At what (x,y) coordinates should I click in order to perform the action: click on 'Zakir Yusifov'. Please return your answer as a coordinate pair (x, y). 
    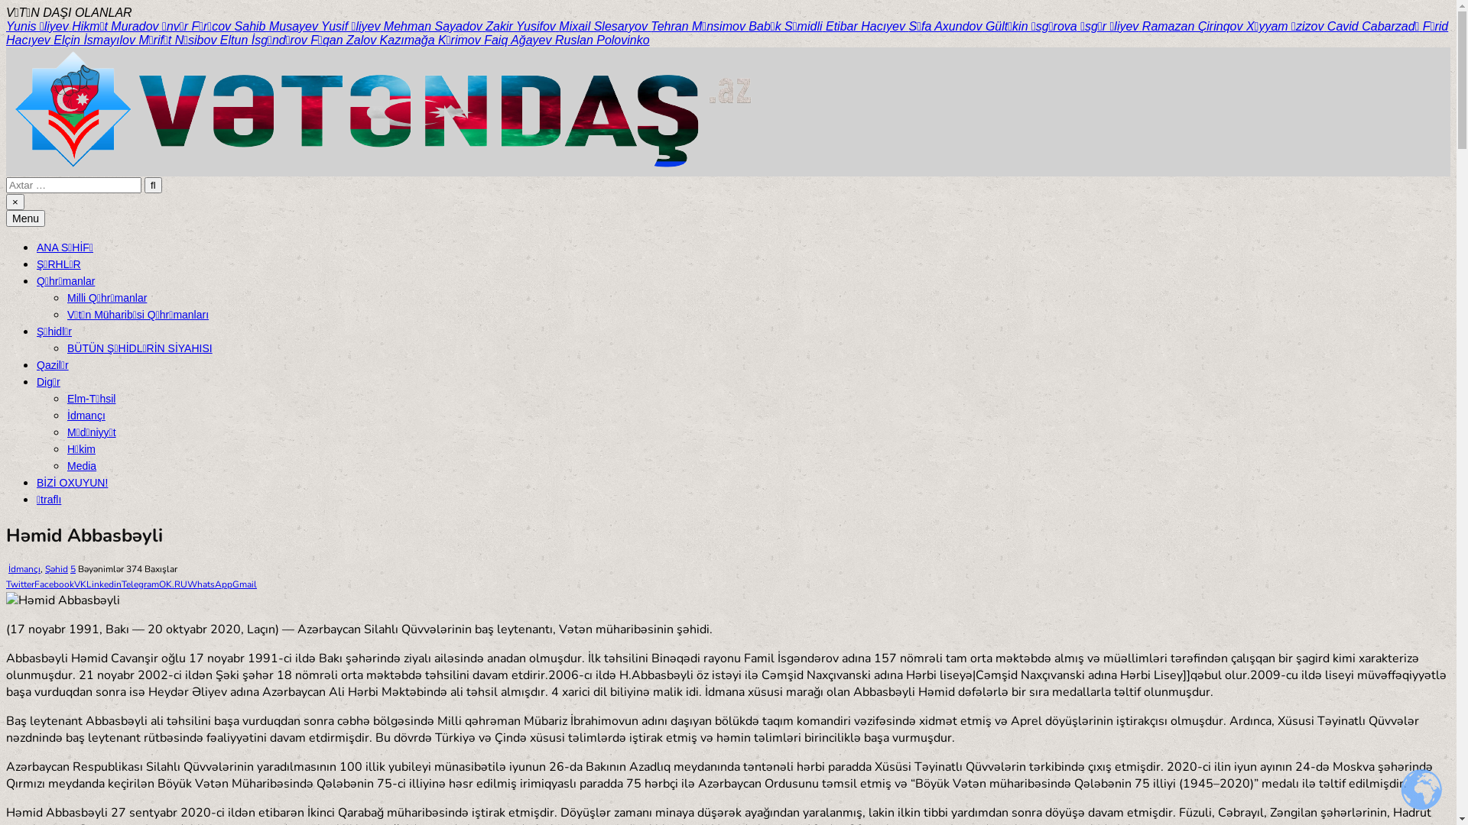
    Looking at the image, I should click on (521, 26).